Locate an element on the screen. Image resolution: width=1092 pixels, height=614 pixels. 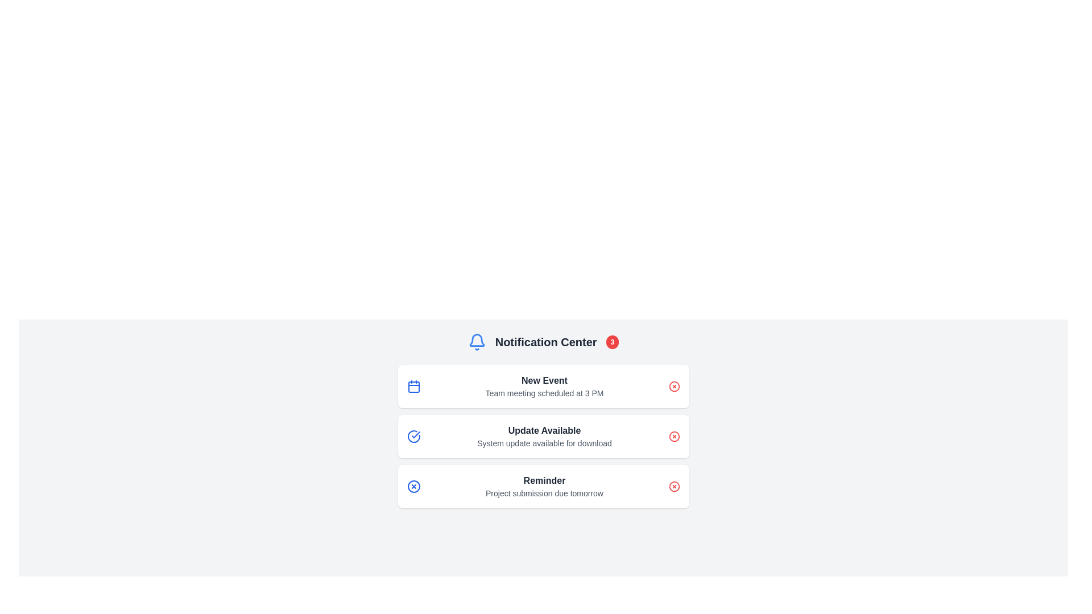
the text label that serves as the title for the notification section, positioned centrally near the top of the panel, between a blue notification bell icon and a small rounded red badge with the number '3' is located at coordinates (546, 341).